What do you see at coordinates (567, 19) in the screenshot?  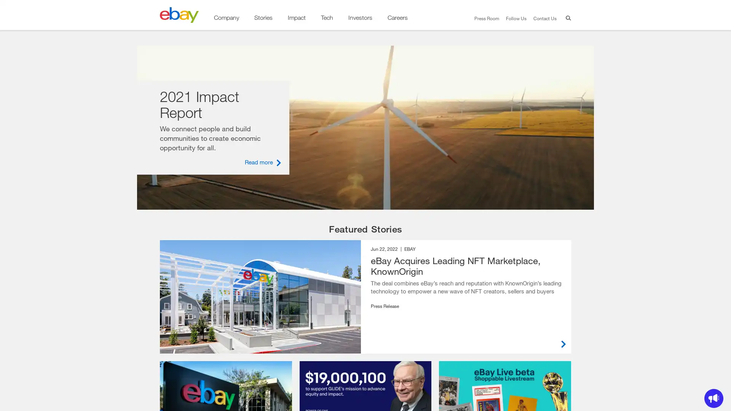 I see `Search Website` at bounding box center [567, 19].